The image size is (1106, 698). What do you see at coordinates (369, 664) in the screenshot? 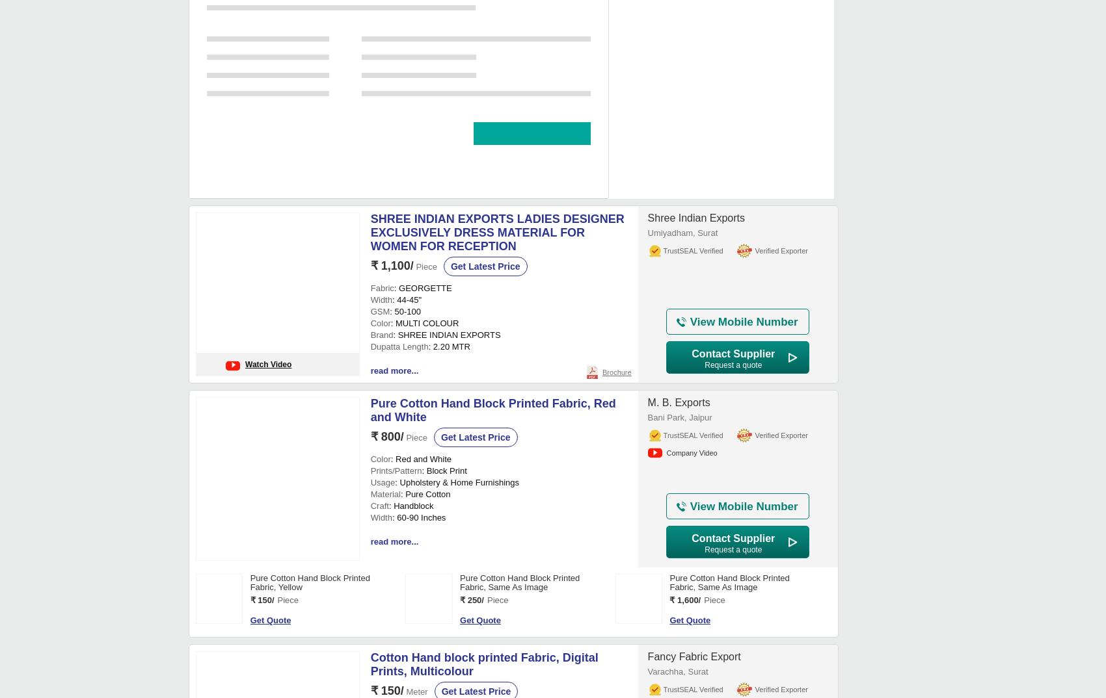
I see `'₹ 1,100/'` at bounding box center [369, 664].